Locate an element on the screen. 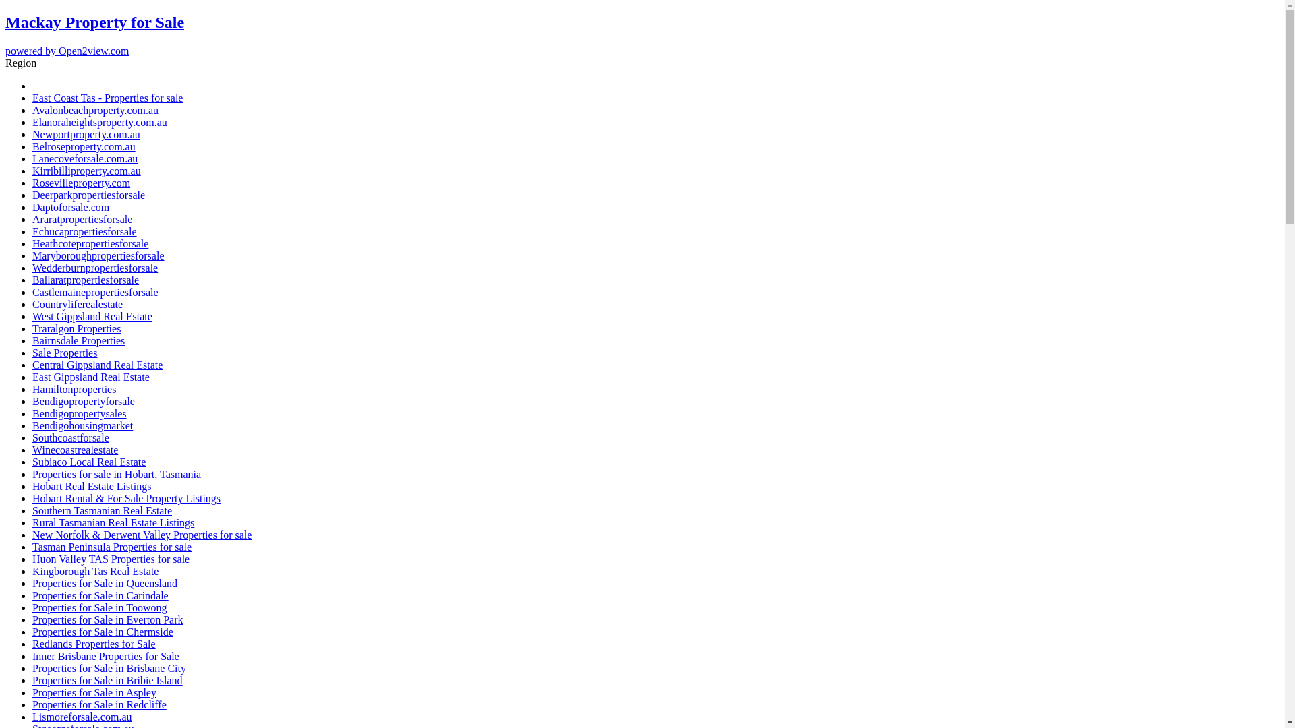 This screenshot has height=728, width=1295. 'Bairnsdale Properties' is located at coordinates (78, 340).